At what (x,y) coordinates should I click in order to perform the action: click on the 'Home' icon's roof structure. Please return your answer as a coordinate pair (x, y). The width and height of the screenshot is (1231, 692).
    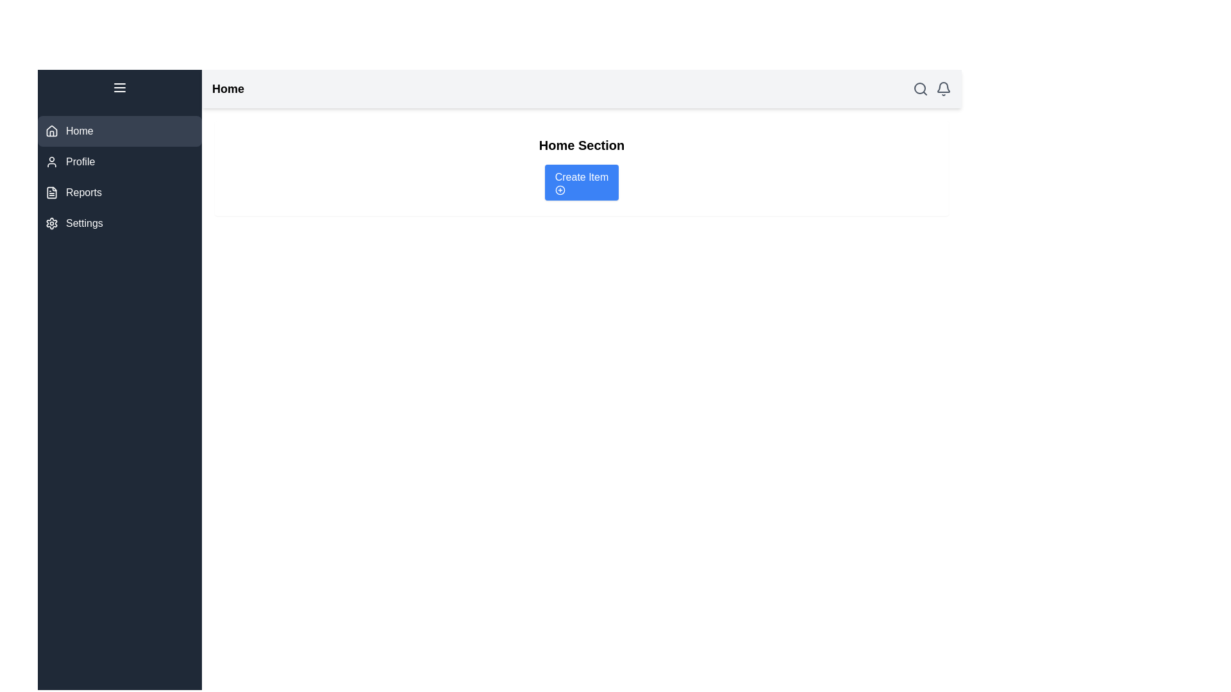
    Looking at the image, I should click on (51, 131).